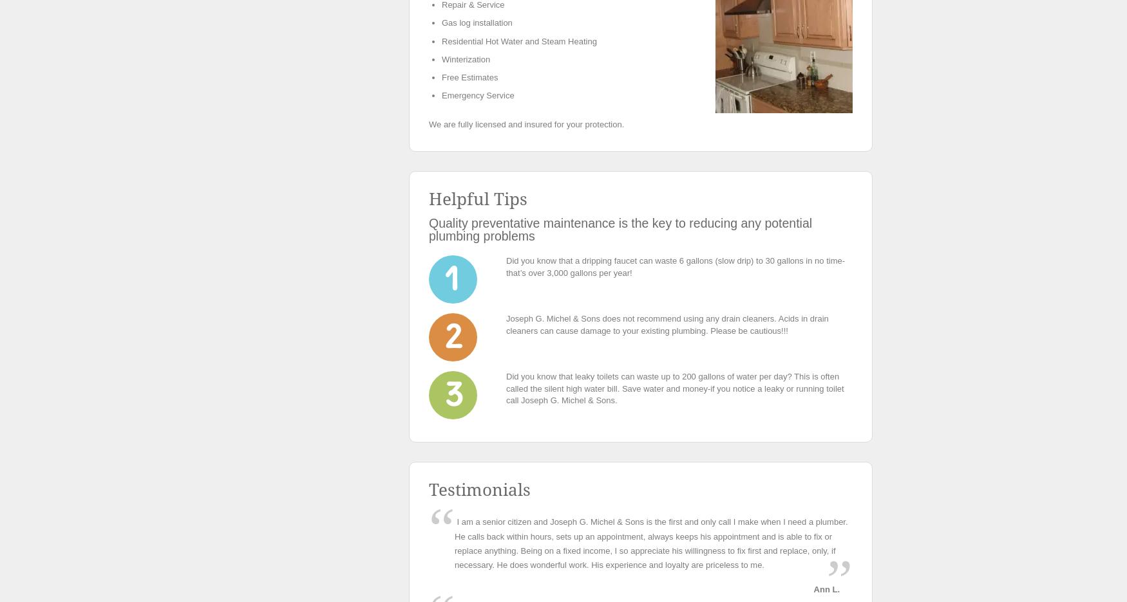 Image resolution: width=1127 pixels, height=602 pixels. What do you see at coordinates (441, 58) in the screenshot?
I see `'Winterization'` at bounding box center [441, 58].